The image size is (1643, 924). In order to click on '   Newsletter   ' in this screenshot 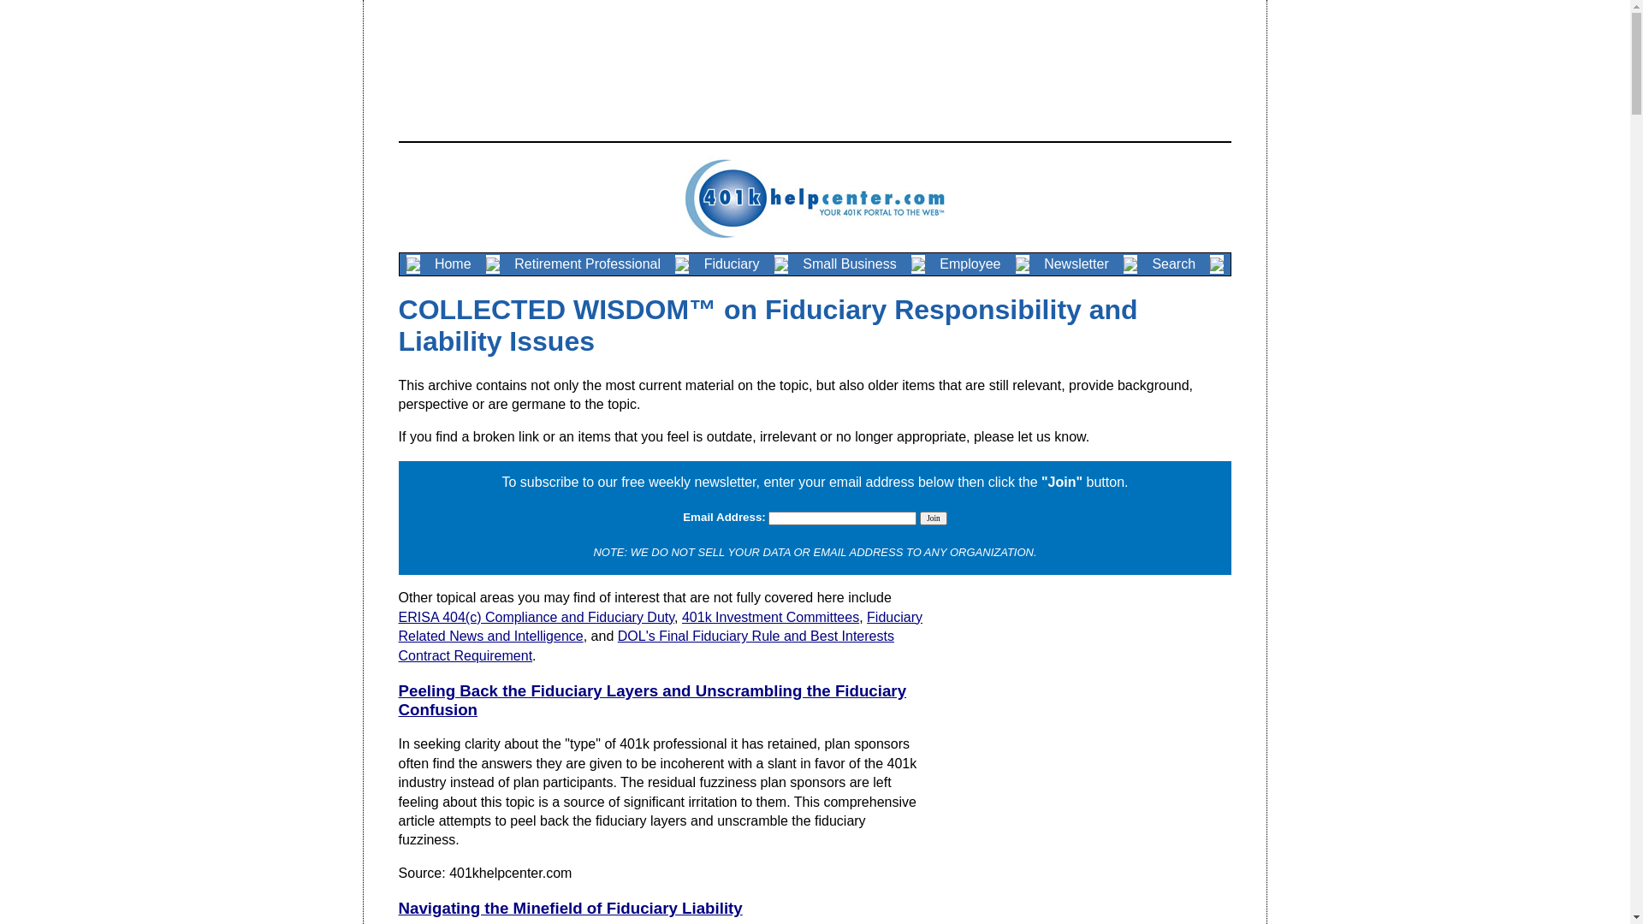, I will do `click(1075, 264)`.